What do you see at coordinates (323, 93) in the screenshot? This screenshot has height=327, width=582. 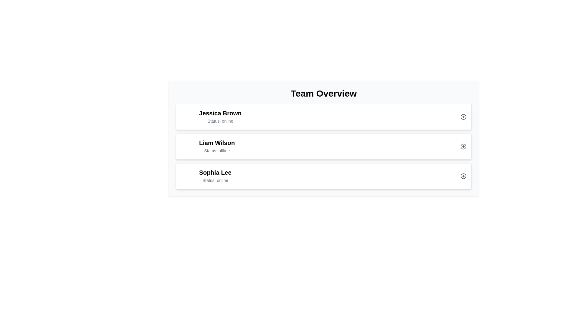 I see `text from the centered header displaying 'Team Overview' in bold and extra-large font, located at the top of the 'Team Overview' section` at bounding box center [323, 93].